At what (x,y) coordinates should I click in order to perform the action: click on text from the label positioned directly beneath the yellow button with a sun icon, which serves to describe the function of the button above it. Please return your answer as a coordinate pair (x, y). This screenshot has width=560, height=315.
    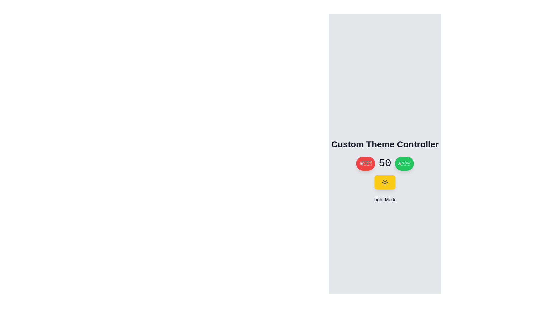
    Looking at the image, I should click on (385, 199).